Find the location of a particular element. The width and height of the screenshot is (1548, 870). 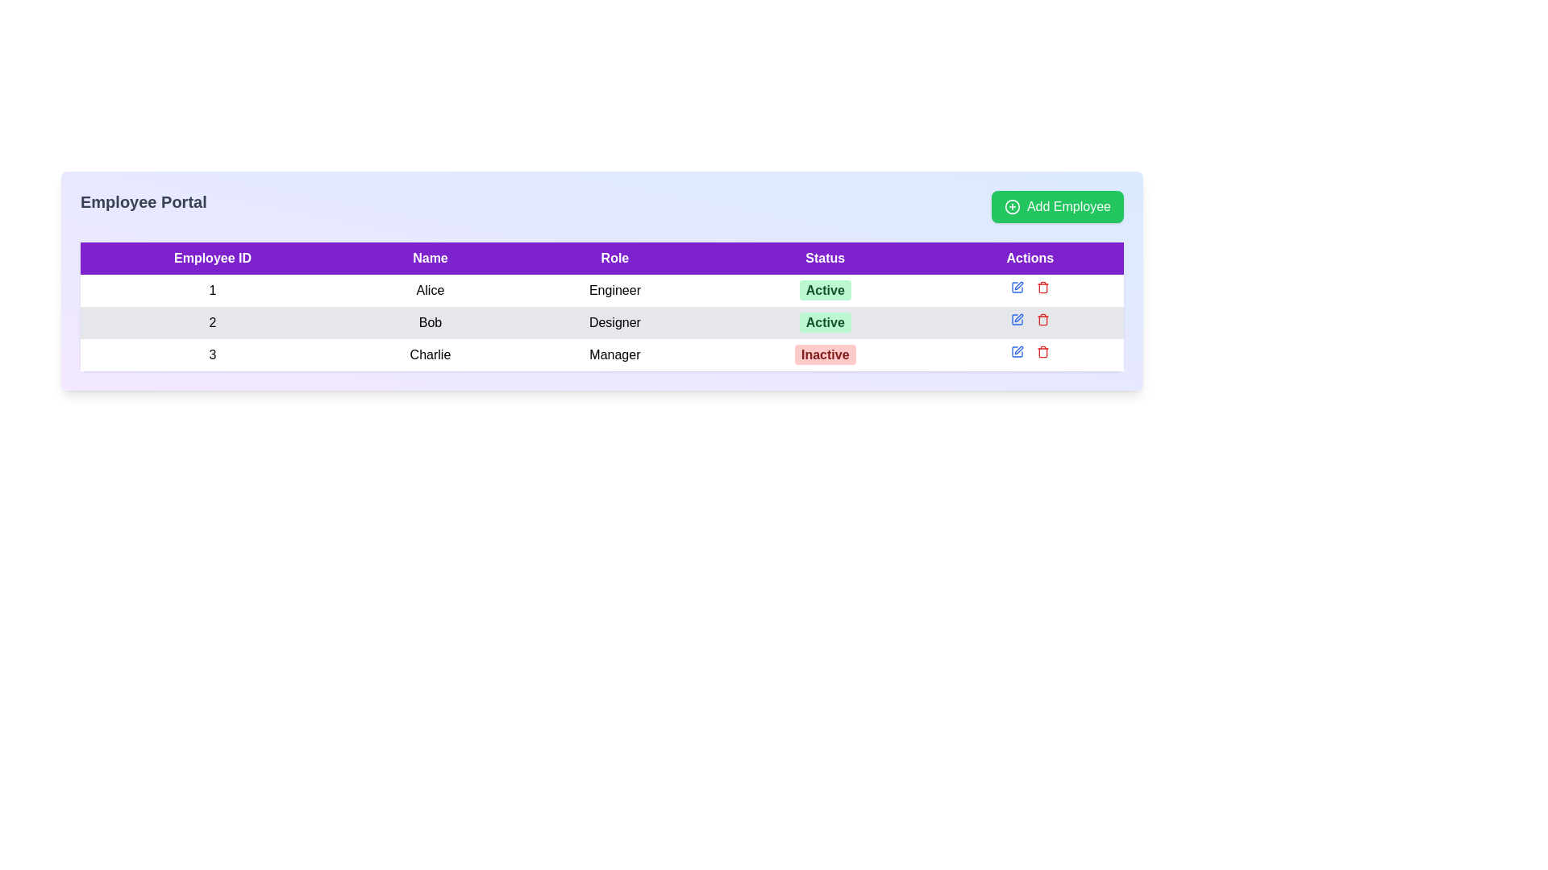

the Trash Can icon located in the Actions column of the second row related to Bob is located at coordinates (1042, 321).